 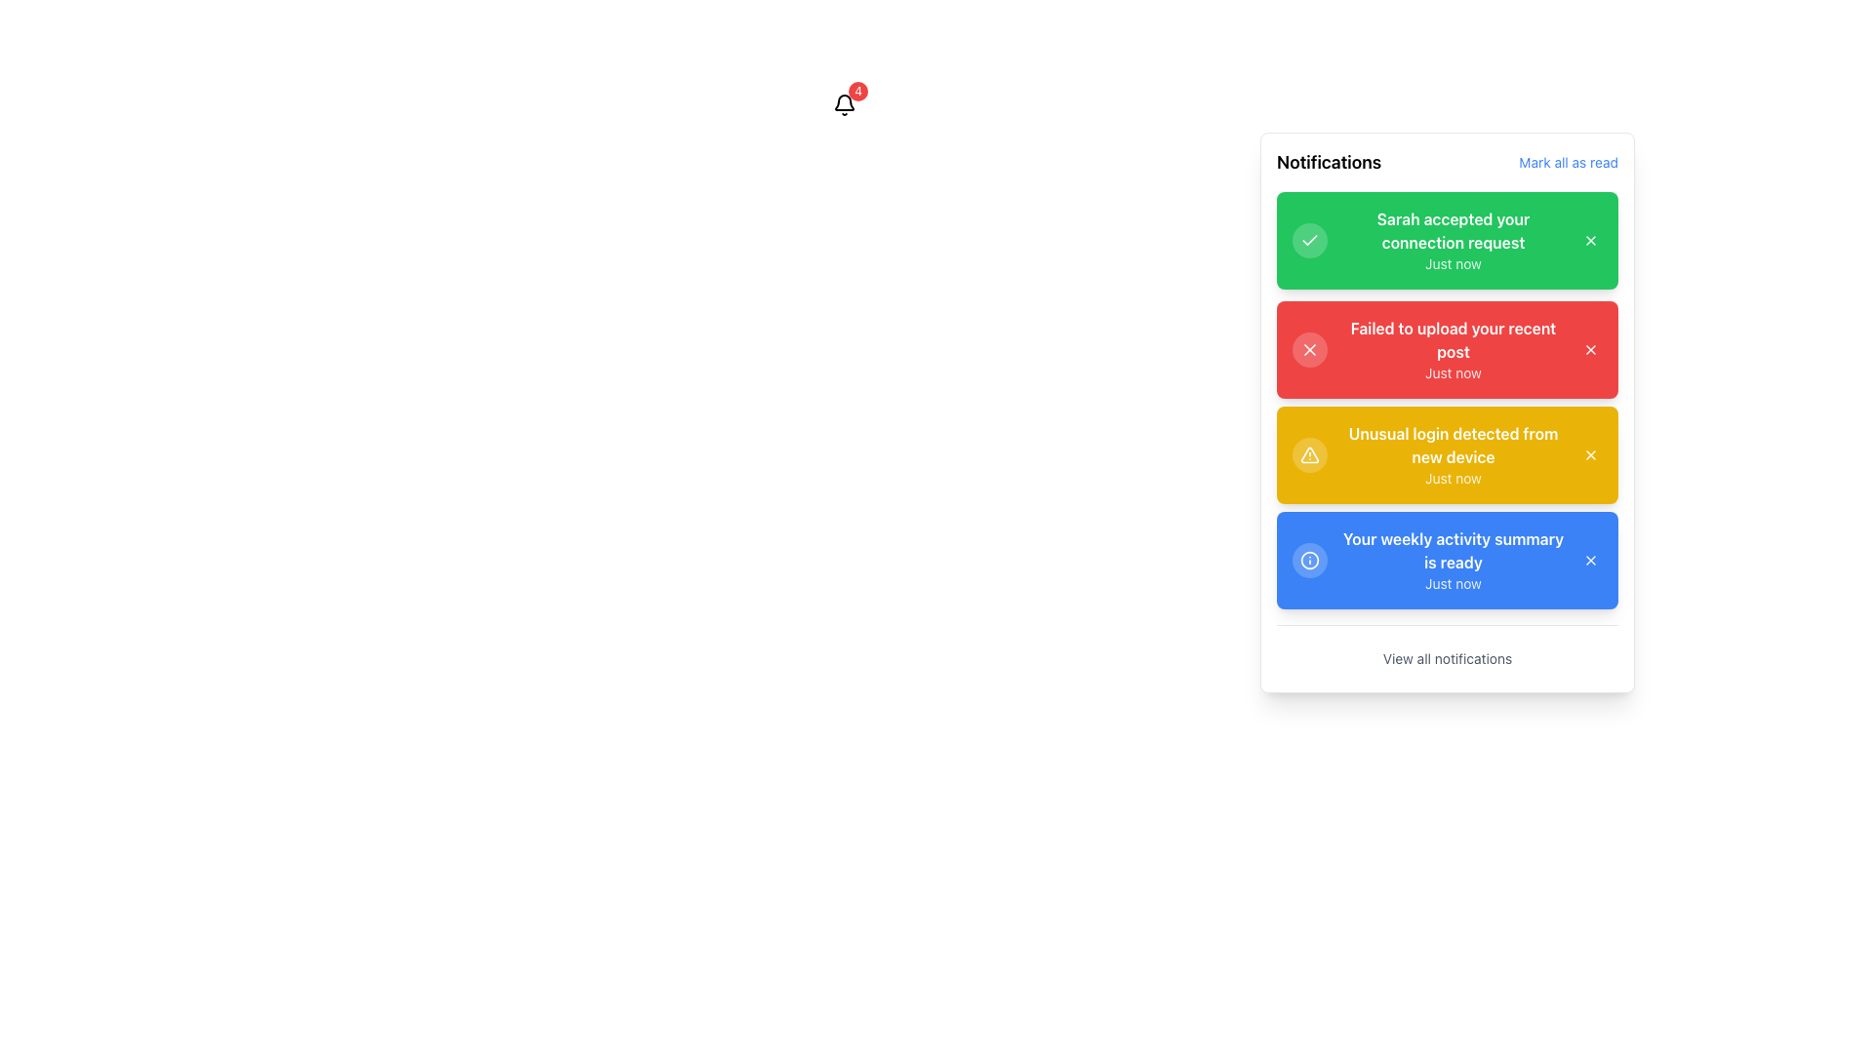 What do you see at coordinates (1591, 454) in the screenshot?
I see `the close icon button with a white 'X' symbol inside a yellow circular background located in the top-right corner of the third yellow notification card labeled 'Unusual login detected from new device'` at bounding box center [1591, 454].